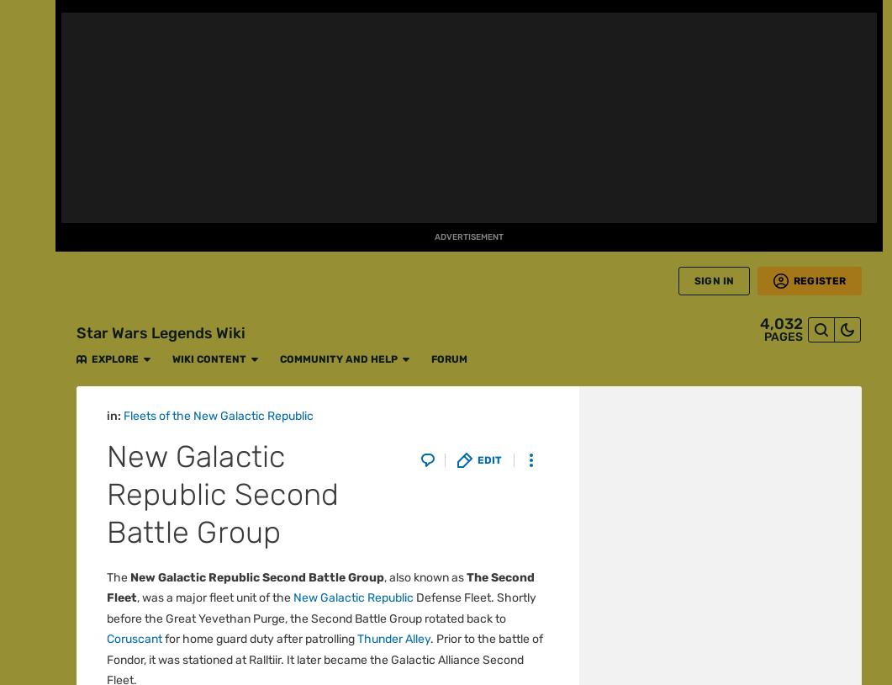 The width and height of the screenshot is (892, 685). Describe the element at coordinates (27, 161) in the screenshot. I see `'Fan Central'` at that location.